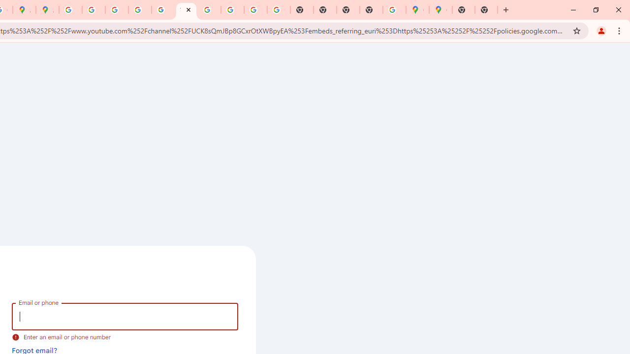 This screenshot has height=354, width=630. I want to click on 'YouTube', so click(186, 10).